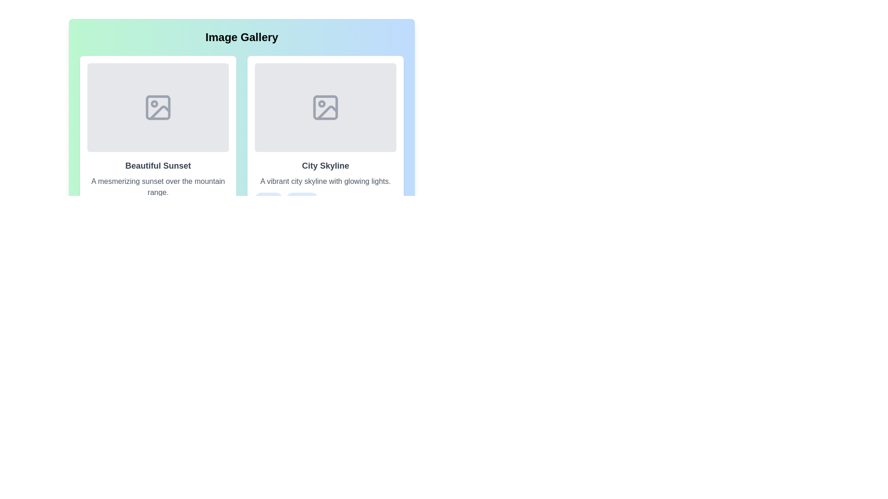 The width and height of the screenshot is (888, 499). What do you see at coordinates (268, 199) in the screenshot?
I see `the tag City from the card gallery` at bounding box center [268, 199].